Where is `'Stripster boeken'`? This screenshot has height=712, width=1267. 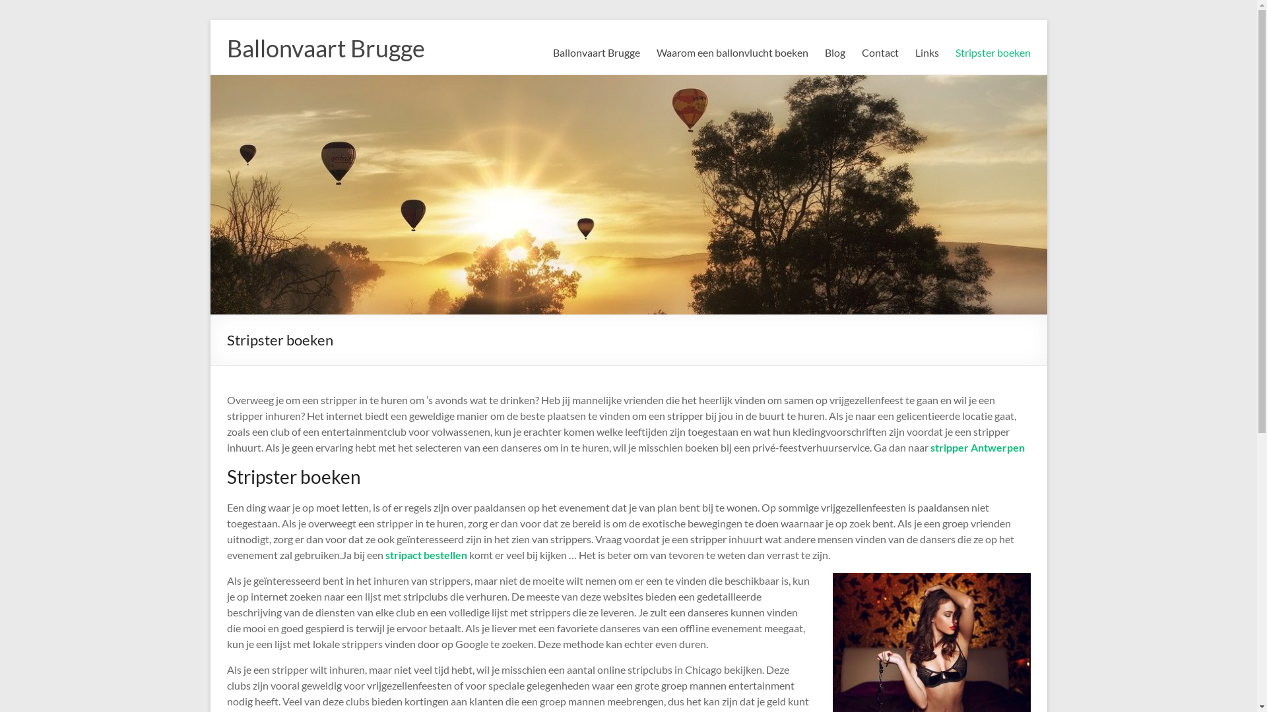
'Stripster boeken' is located at coordinates (956, 52).